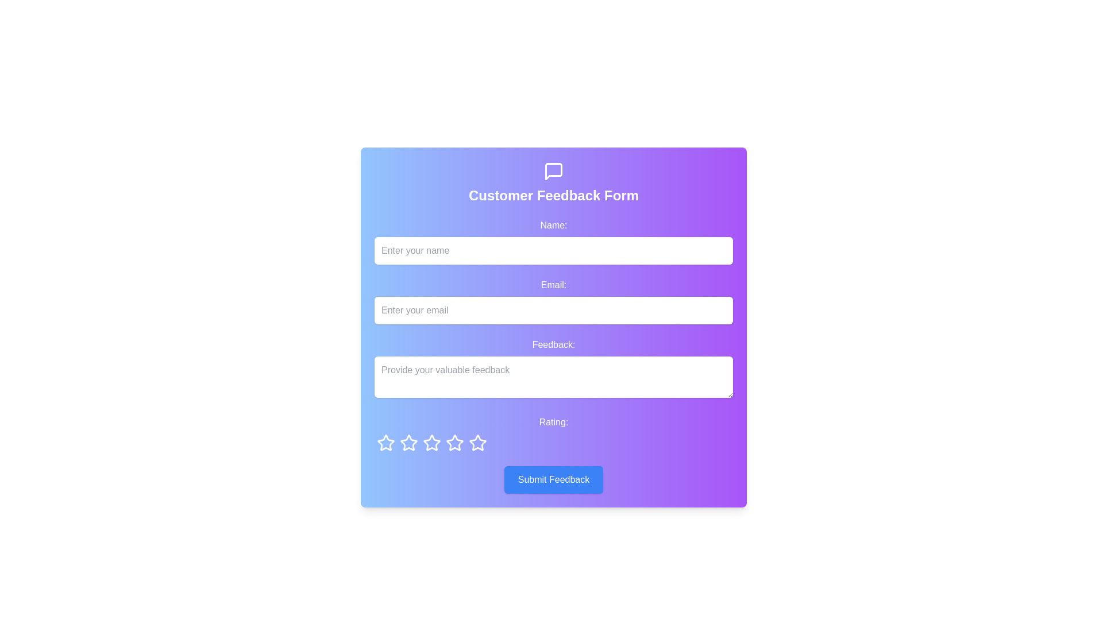  I want to click on inside the email input field, which is the second input field under the label 'Email:' in the form, to focus on it, so click(554, 300).